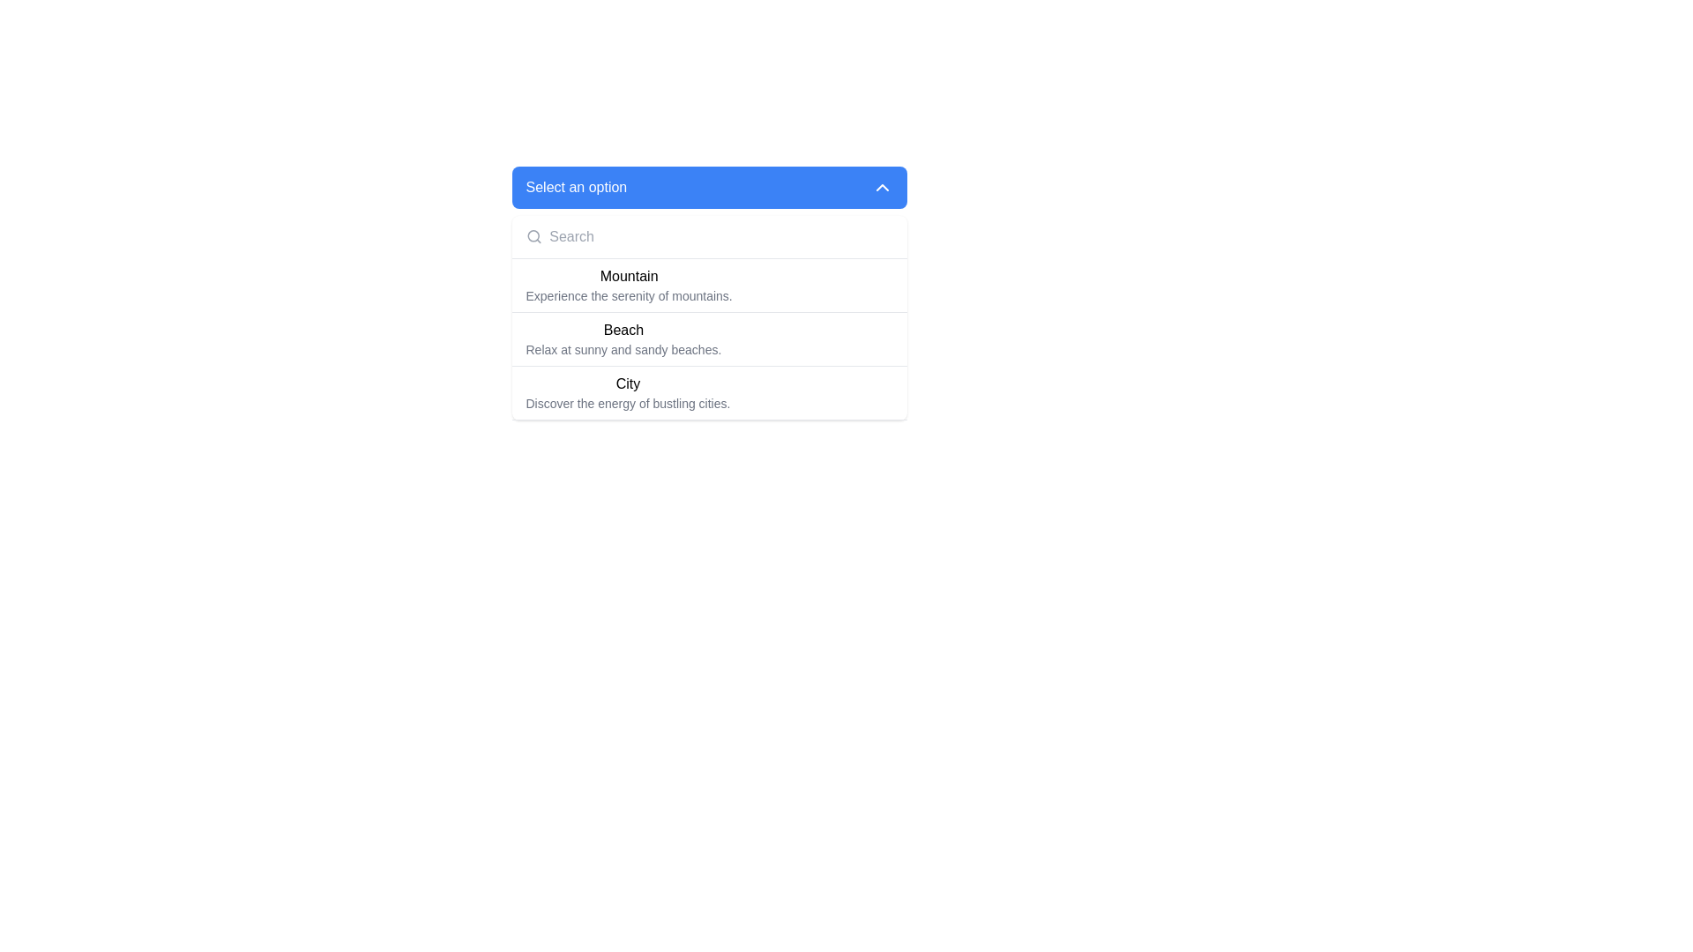 Image resolution: width=1693 pixels, height=952 pixels. What do you see at coordinates (532, 235) in the screenshot?
I see `the circular component of the search icon located at the top-left section of the dropdown menu` at bounding box center [532, 235].